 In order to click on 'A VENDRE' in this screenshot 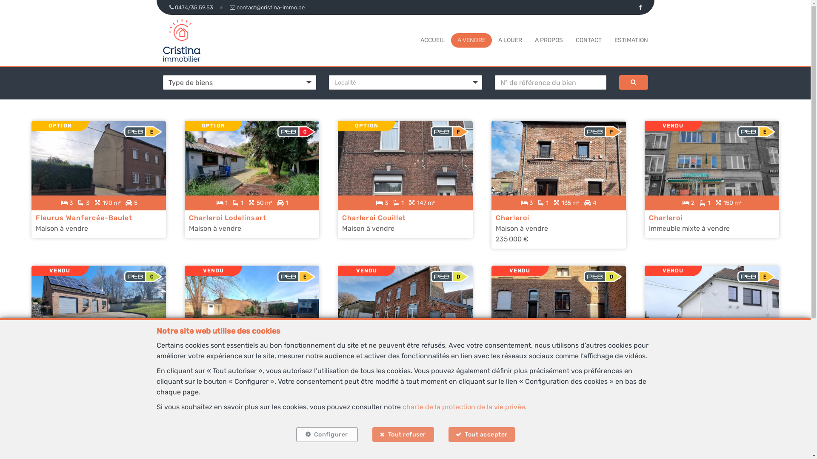, I will do `click(471, 40)`.